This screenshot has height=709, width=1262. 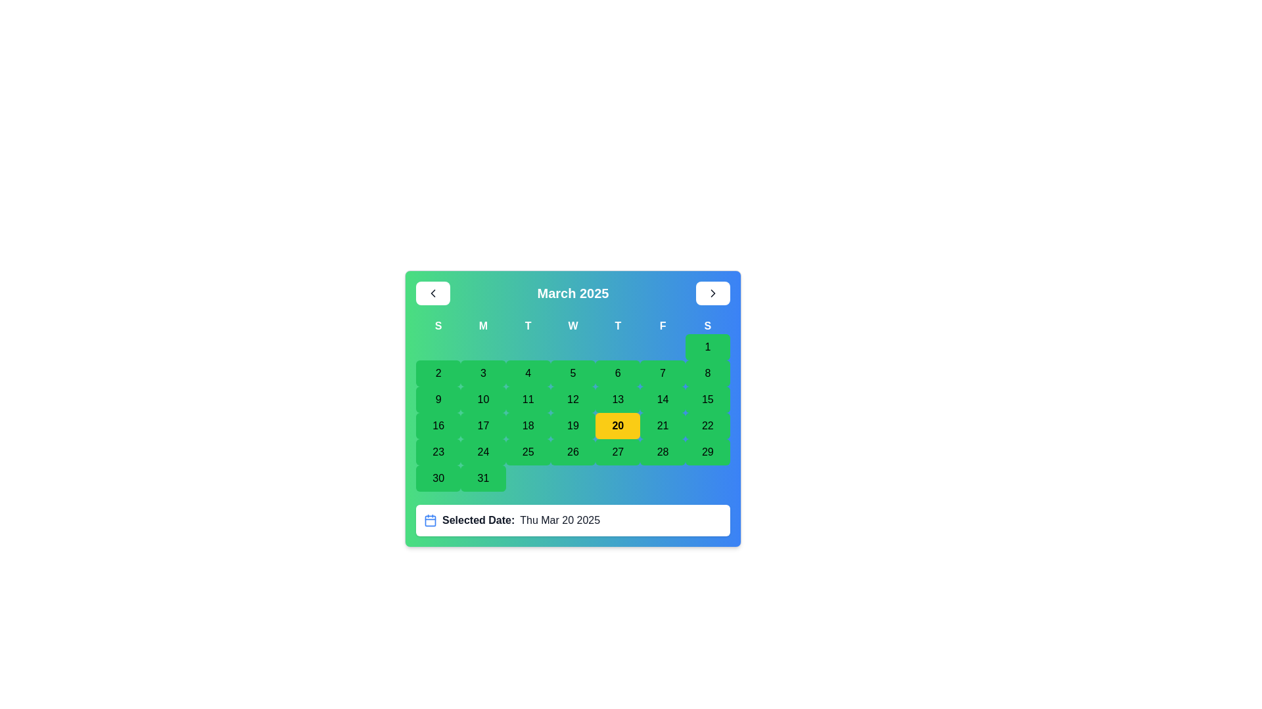 I want to click on the chevron left icon located in the top-left corner of the calendar header section for tooltip or visual feedback, so click(x=432, y=293).